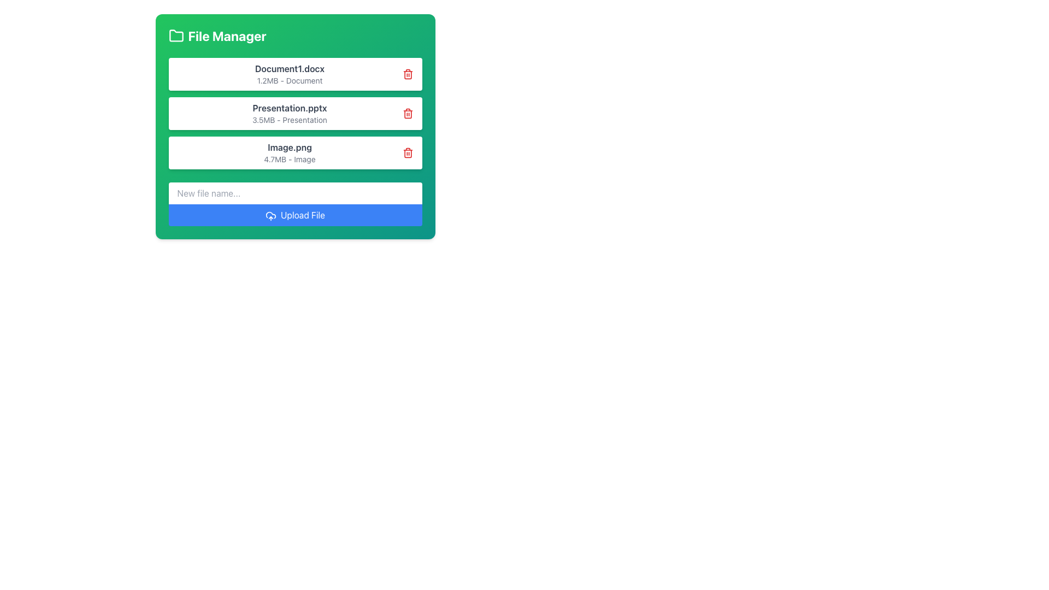  I want to click on the text label in the second row of the file manager UI, so click(290, 114).